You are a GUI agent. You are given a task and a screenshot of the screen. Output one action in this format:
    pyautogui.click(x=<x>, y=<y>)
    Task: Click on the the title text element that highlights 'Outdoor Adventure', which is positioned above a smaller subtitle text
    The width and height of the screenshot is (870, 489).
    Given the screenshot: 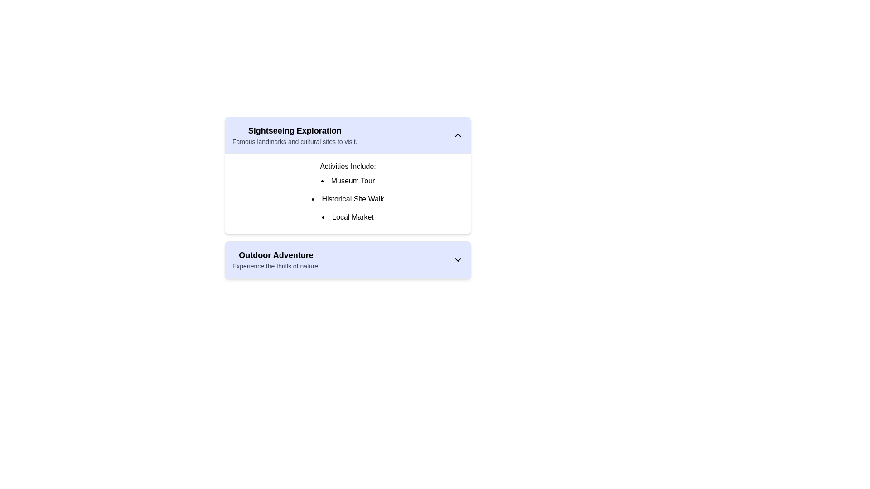 What is the action you would take?
    pyautogui.click(x=275, y=255)
    